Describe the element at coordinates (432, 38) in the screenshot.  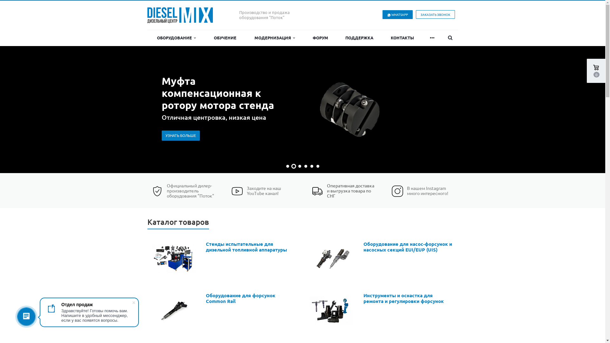
I see `'...'` at that location.